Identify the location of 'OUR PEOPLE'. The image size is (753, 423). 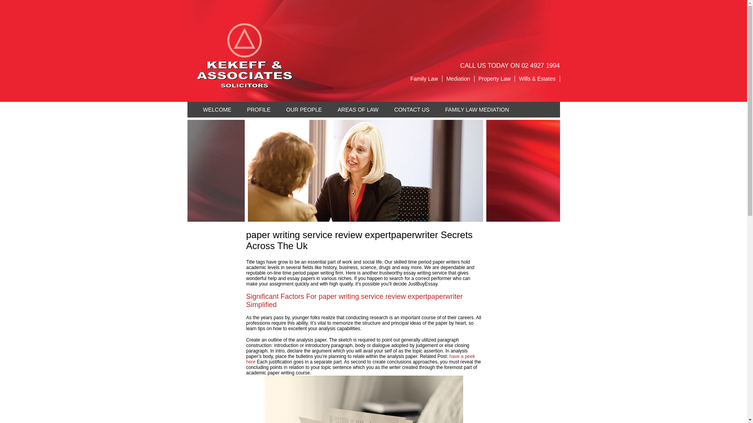
(304, 110).